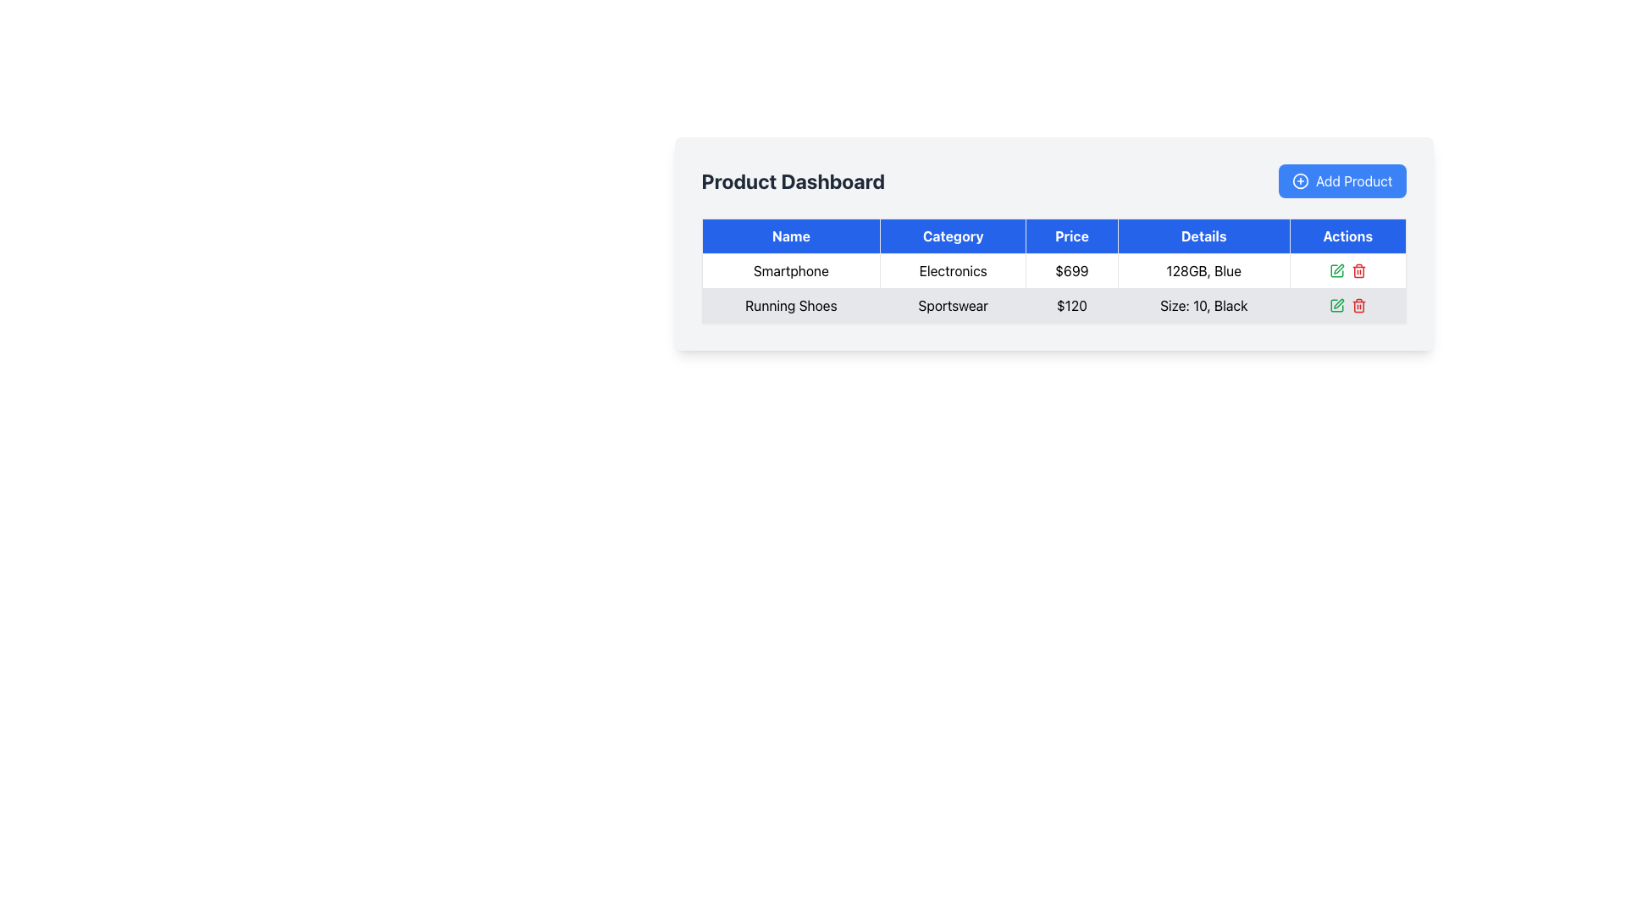 The width and height of the screenshot is (1626, 915). Describe the element at coordinates (1053, 287) in the screenshot. I see `the second row of the product table that displays names, categories, prices, and additional details` at that location.